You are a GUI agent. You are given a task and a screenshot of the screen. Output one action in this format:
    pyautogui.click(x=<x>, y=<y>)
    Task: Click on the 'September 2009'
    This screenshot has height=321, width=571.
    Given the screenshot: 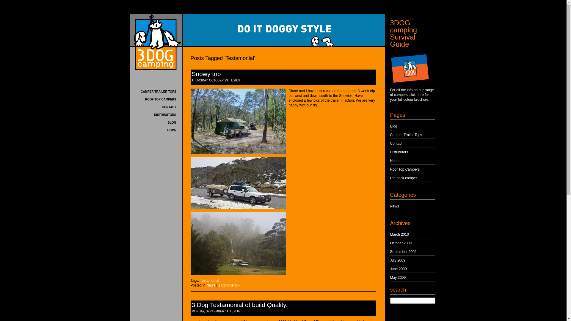 What is the action you would take?
    pyautogui.click(x=390, y=252)
    